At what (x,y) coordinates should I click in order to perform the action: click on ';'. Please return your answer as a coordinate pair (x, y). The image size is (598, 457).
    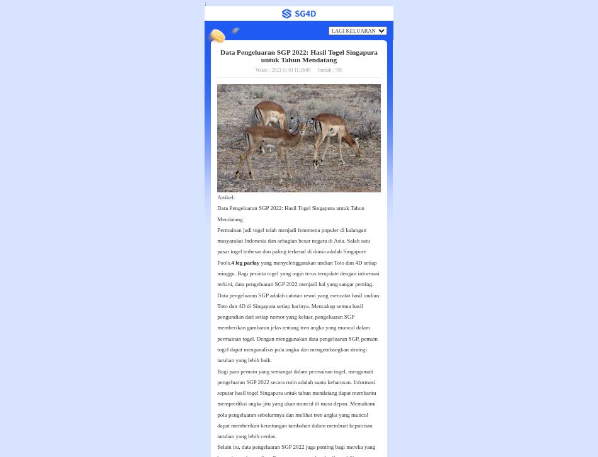
    Looking at the image, I should click on (203, 3).